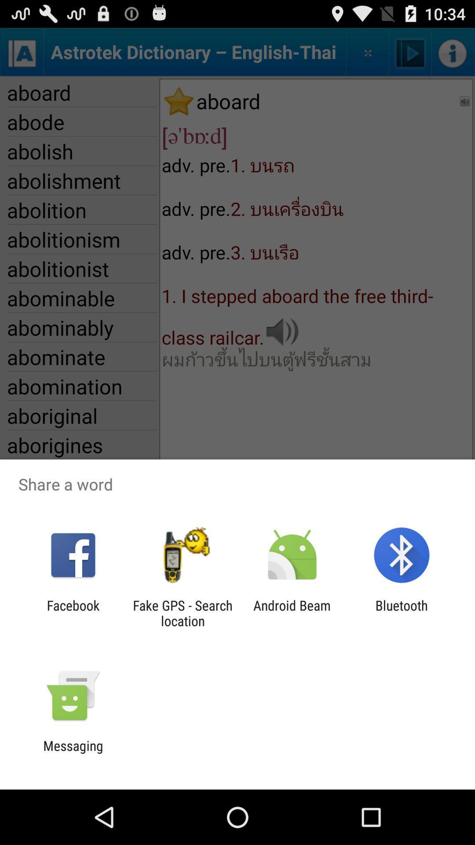 Image resolution: width=475 pixels, height=845 pixels. I want to click on the facebook, so click(73, 613).